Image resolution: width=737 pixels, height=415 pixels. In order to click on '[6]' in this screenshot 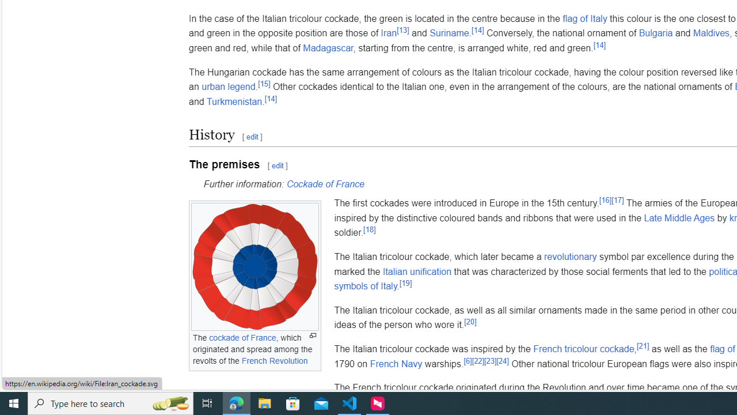, I will do `click(468, 360)`.